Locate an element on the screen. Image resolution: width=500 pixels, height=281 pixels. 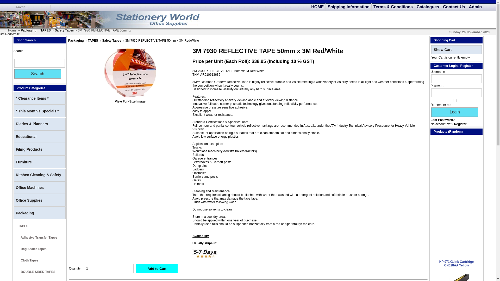
'Office Supplies' is located at coordinates (39, 200).